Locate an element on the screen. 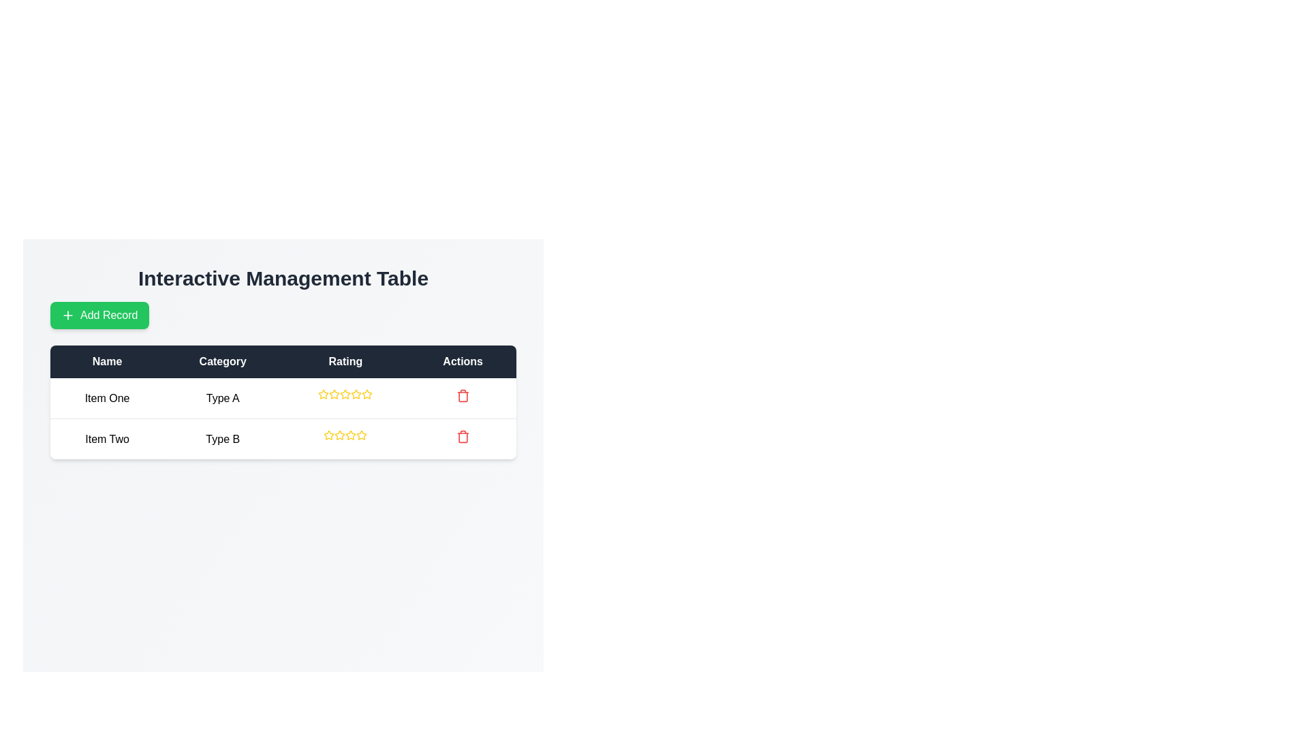 This screenshot has height=736, width=1308. the yellow hollow star icon representing the rating for 'Item Two' in the second row under the 'Rating' column is located at coordinates (329, 435).